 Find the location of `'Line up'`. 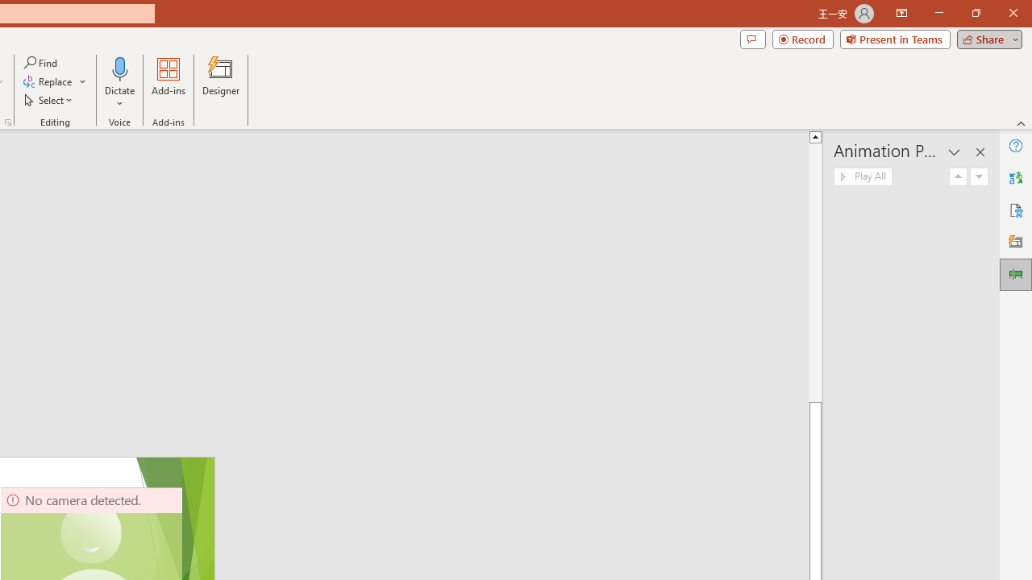

'Line up' is located at coordinates (815, 135).